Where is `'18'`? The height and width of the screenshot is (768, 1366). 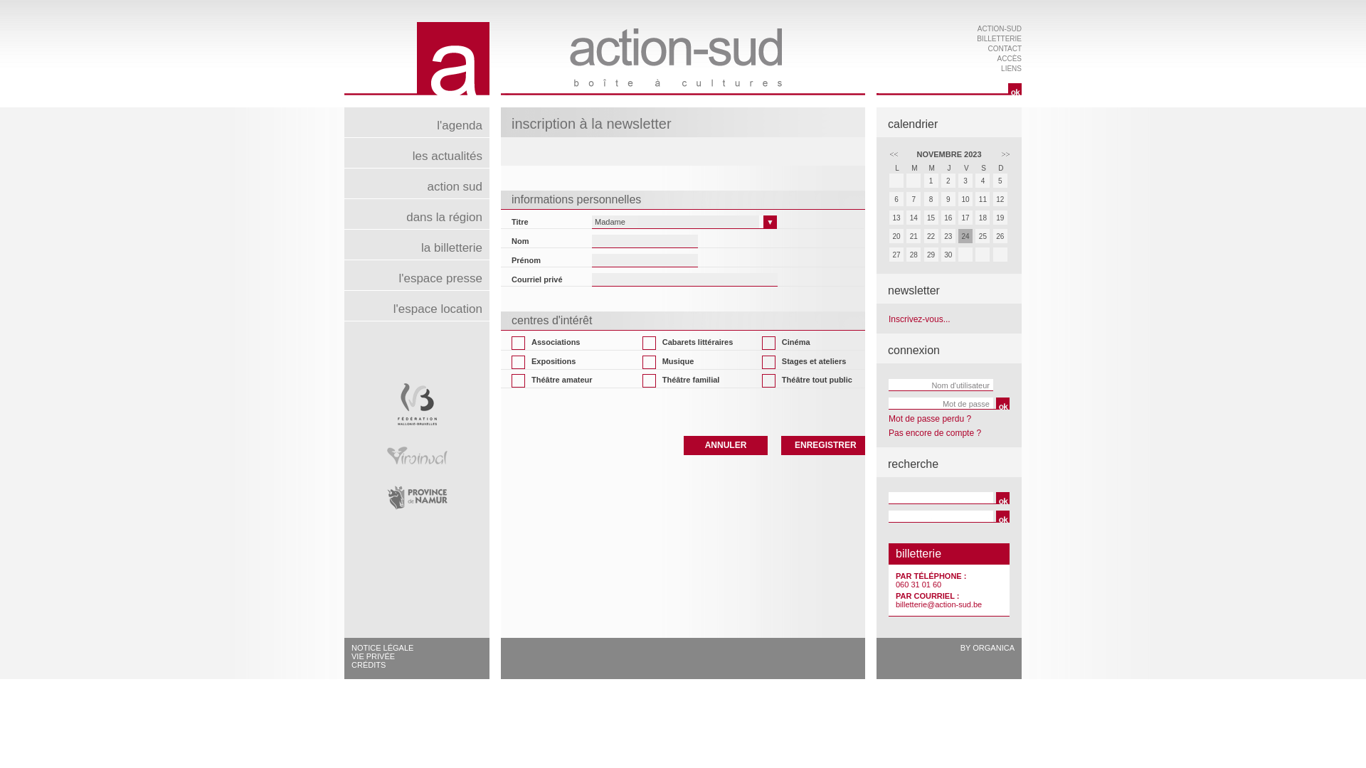 '18' is located at coordinates (983, 219).